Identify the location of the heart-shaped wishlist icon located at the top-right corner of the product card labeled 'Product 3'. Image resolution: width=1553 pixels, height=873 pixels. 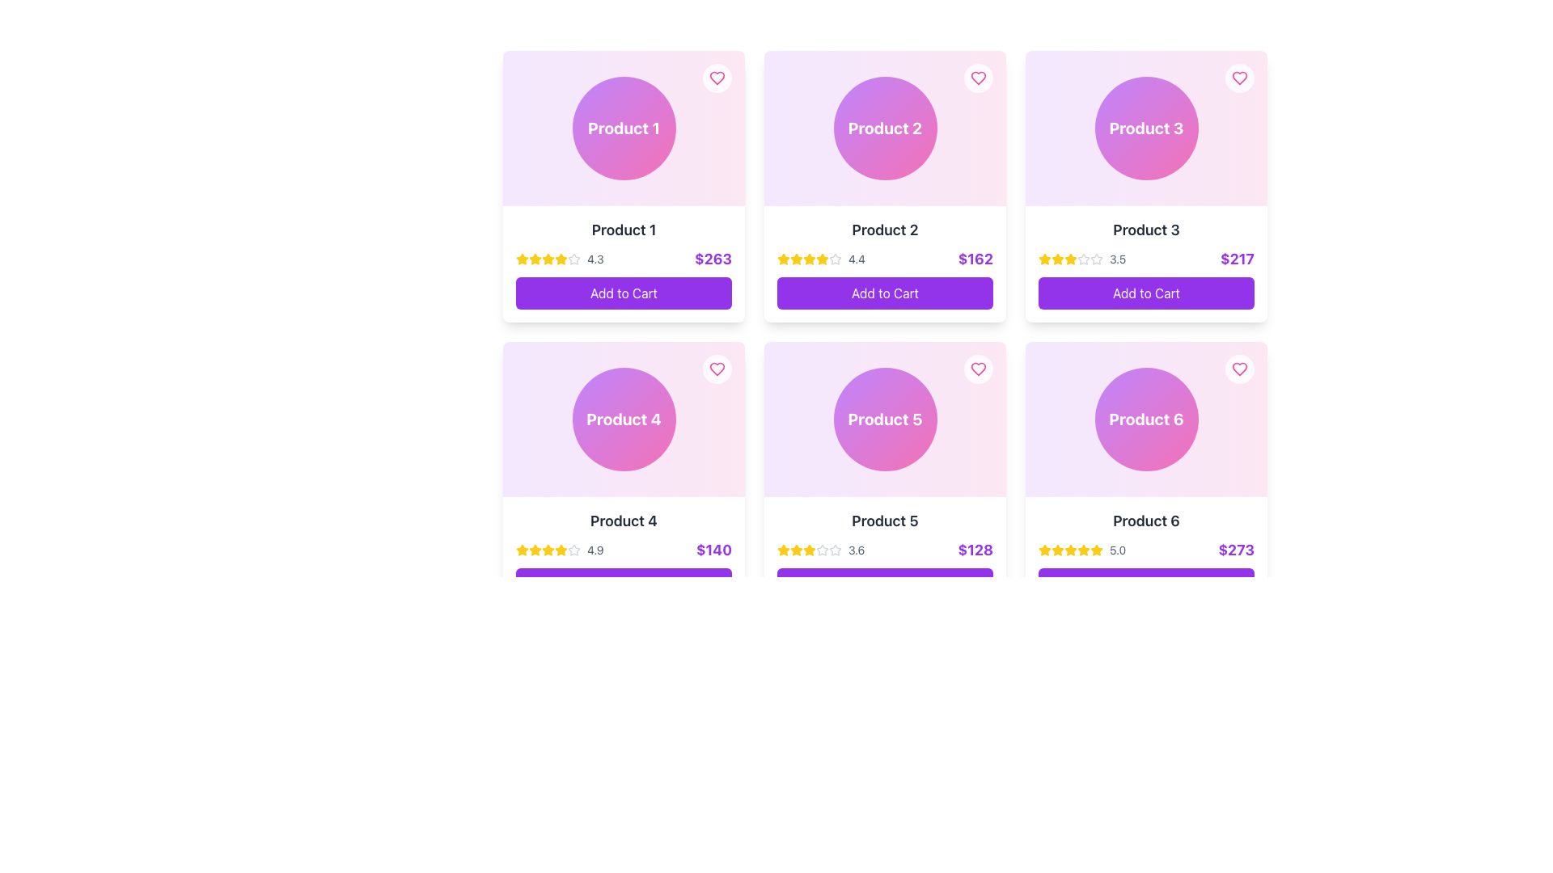
(1238, 78).